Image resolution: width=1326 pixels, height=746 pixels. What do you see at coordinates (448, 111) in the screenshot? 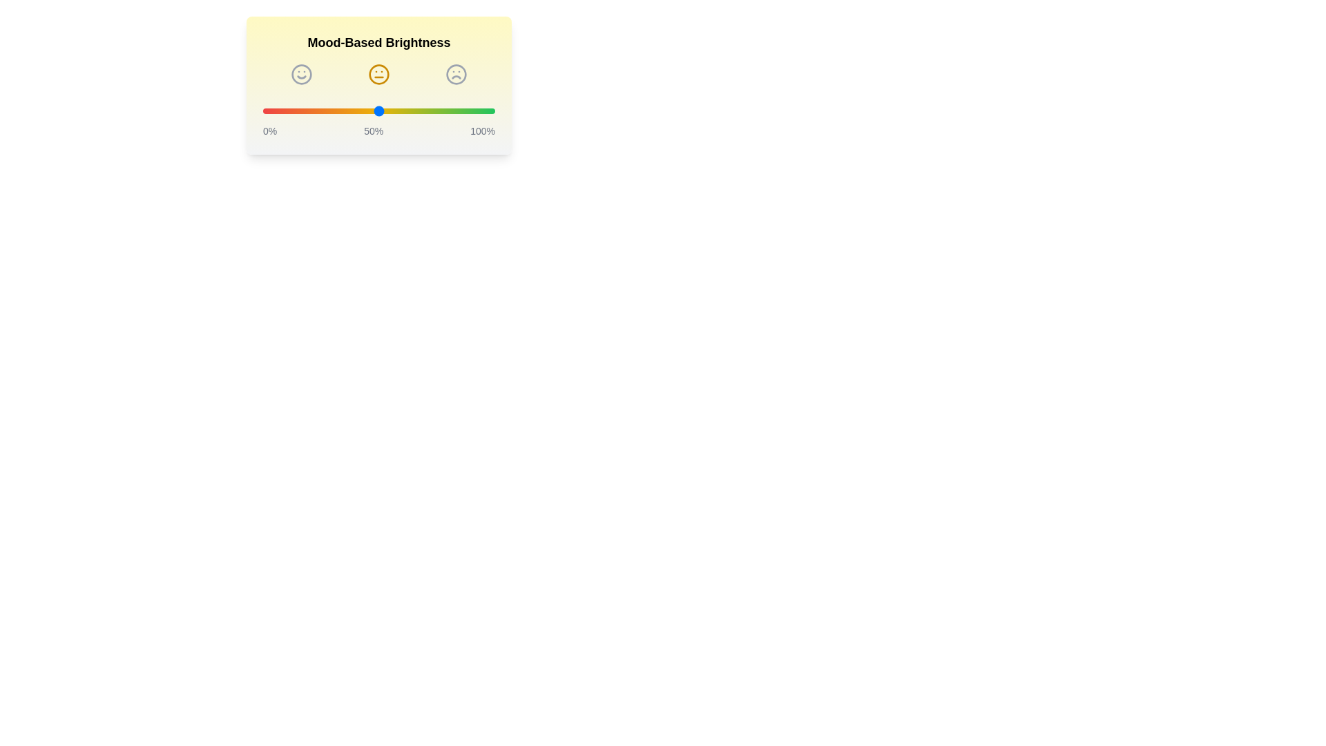
I see `the brightness slider to 80% to observe the mood icon change` at bounding box center [448, 111].